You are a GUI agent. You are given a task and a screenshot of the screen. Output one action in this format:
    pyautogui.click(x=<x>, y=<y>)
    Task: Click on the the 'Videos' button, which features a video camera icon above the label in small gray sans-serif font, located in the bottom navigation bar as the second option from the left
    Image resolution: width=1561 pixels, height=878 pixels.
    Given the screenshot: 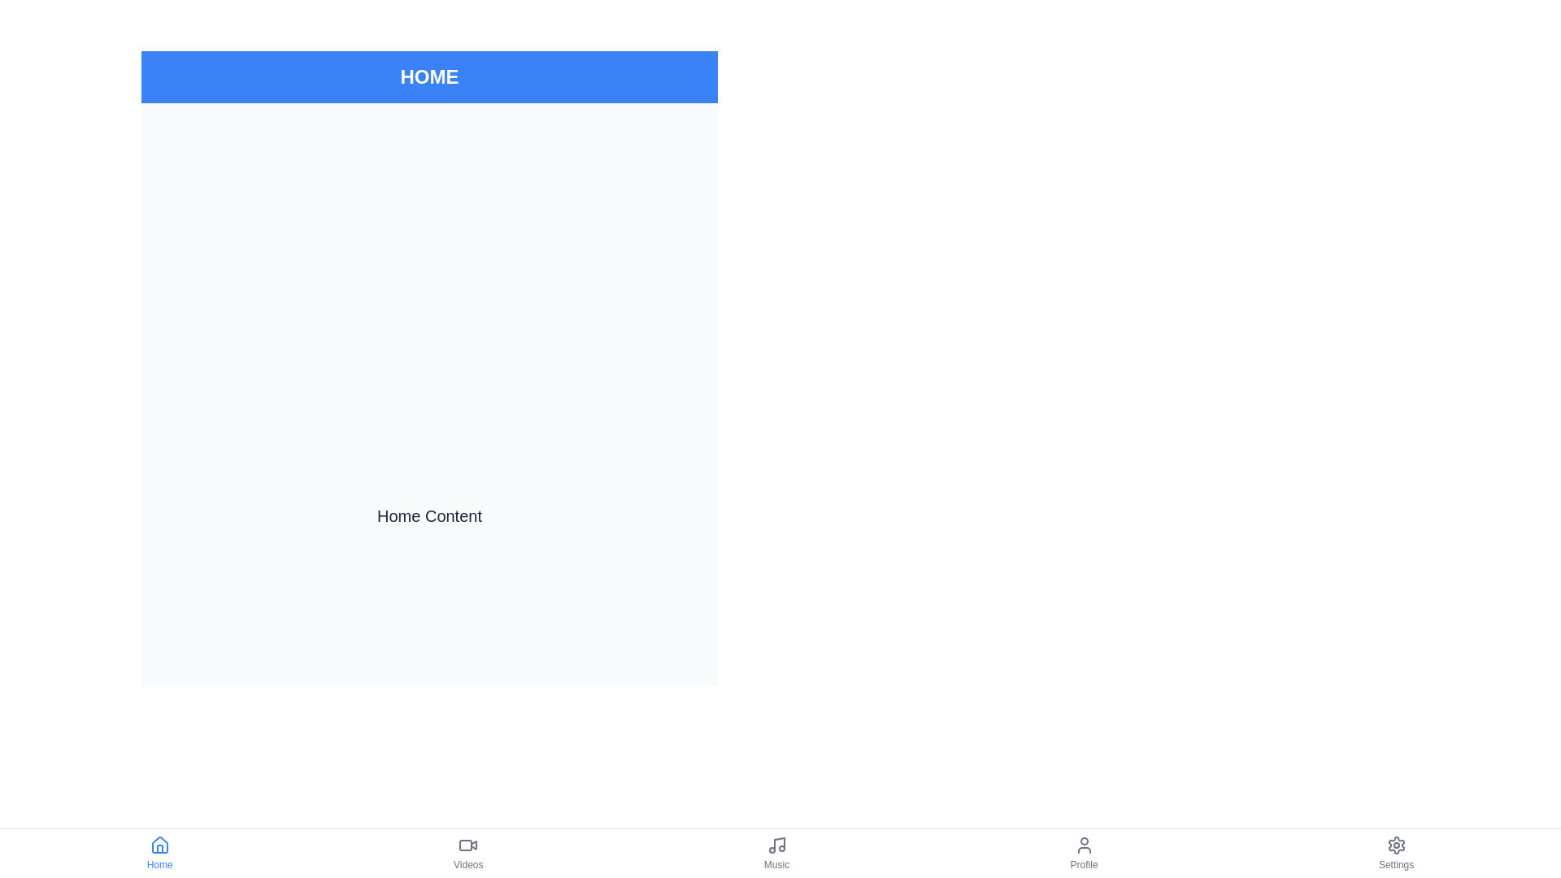 What is the action you would take?
    pyautogui.click(x=467, y=852)
    